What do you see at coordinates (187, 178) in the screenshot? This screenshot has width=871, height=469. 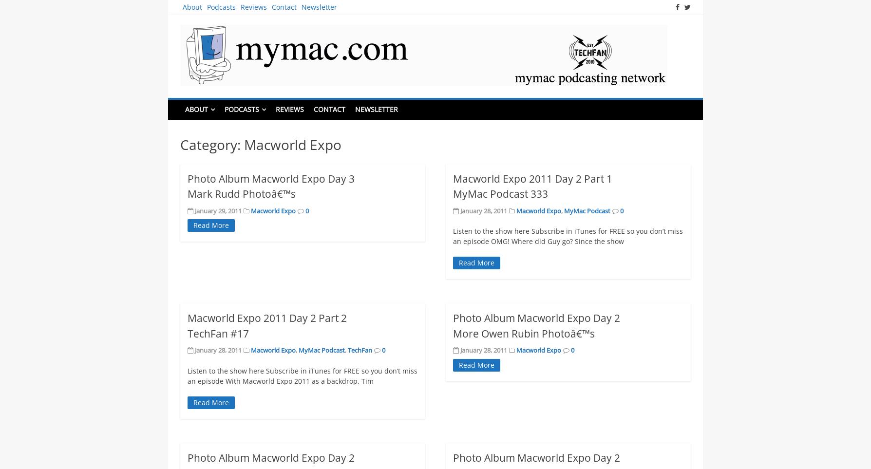 I see `'Photo Album Macworld Expo Day 3'` at bounding box center [187, 178].